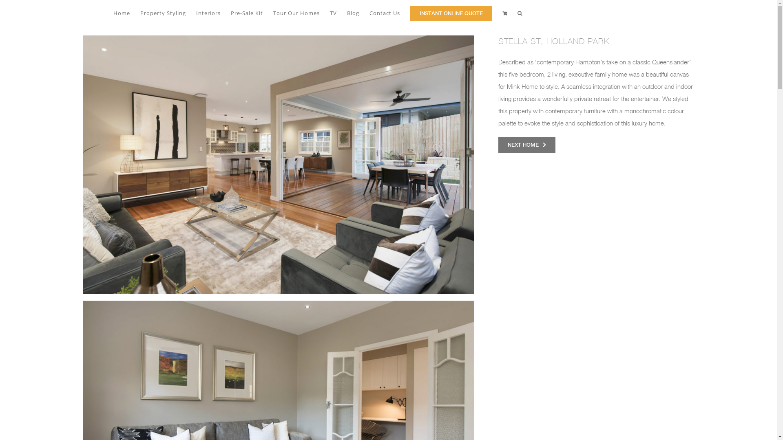 This screenshot has width=783, height=440. Describe the element at coordinates (384, 12) in the screenshot. I see `'Contact Us'` at that location.